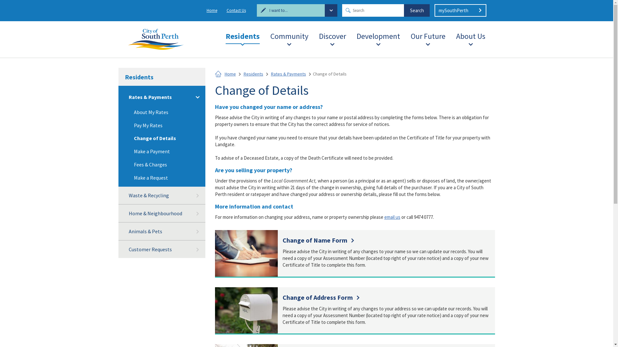 Image resolution: width=618 pixels, height=347 pixels. I want to click on 'Community', so click(289, 35).